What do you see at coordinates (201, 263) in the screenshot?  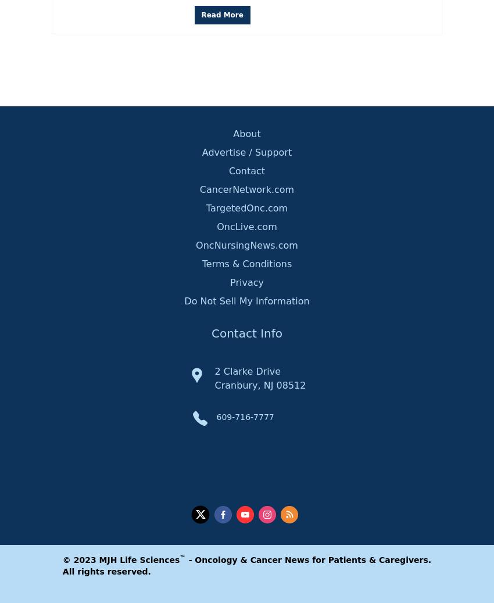 I see `'Terms & Conditions'` at bounding box center [201, 263].